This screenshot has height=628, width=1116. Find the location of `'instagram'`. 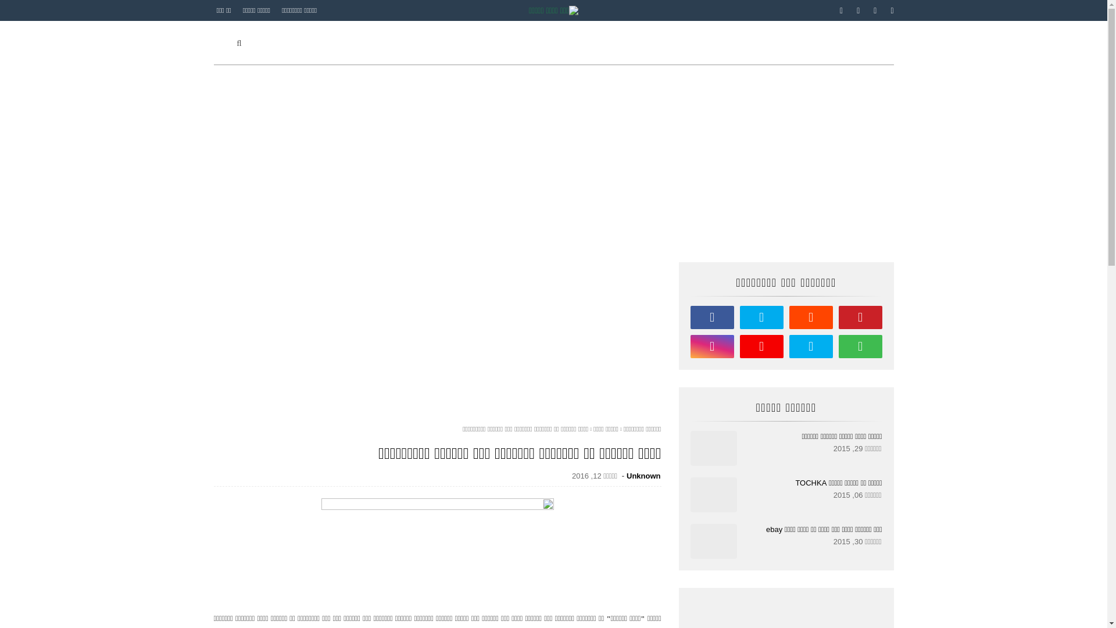

'instagram' is located at coordinates (875, 10).